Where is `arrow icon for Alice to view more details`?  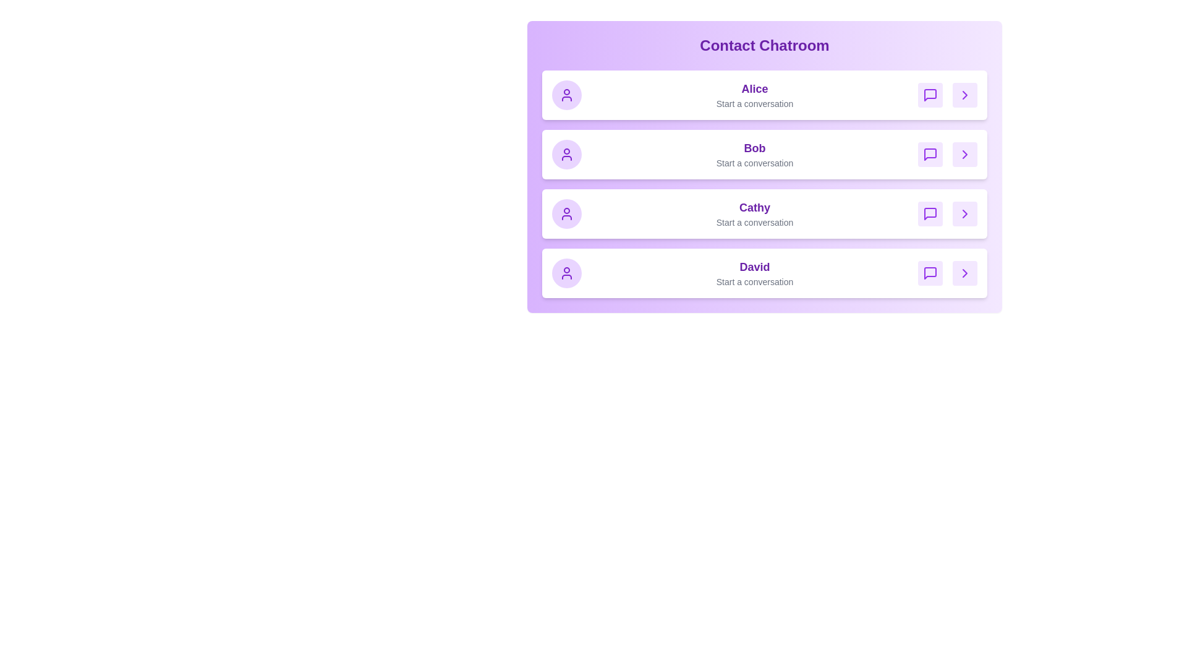
arrow icon for Alice to view more details is located at coordinates (964, 95).